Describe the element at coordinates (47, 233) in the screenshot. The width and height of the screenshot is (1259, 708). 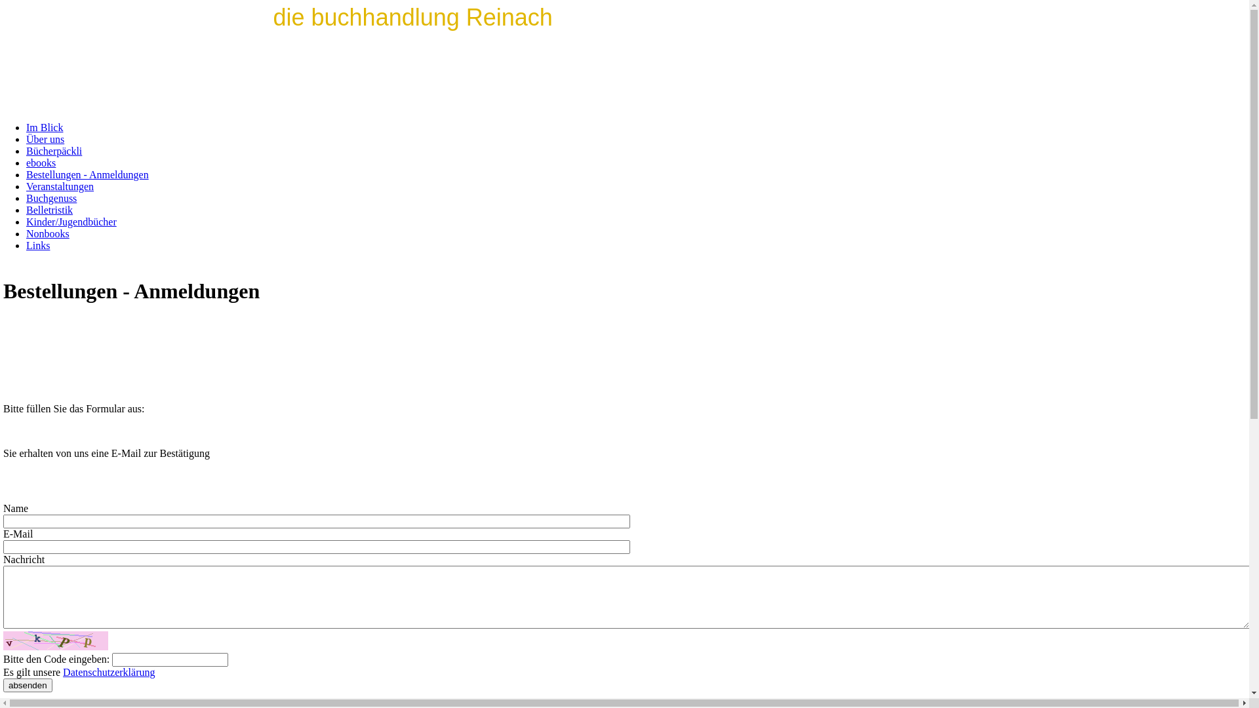
I see `'Nonbooks'` at that location.